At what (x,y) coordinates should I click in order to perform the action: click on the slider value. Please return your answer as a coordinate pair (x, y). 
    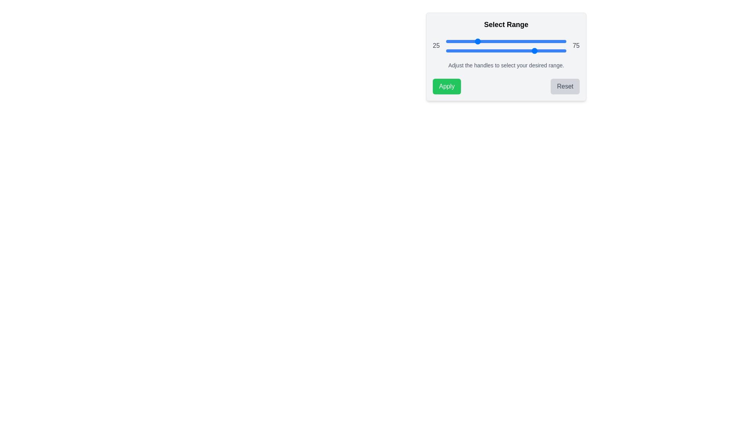
    Looking at the image, I should click on (513, 51).